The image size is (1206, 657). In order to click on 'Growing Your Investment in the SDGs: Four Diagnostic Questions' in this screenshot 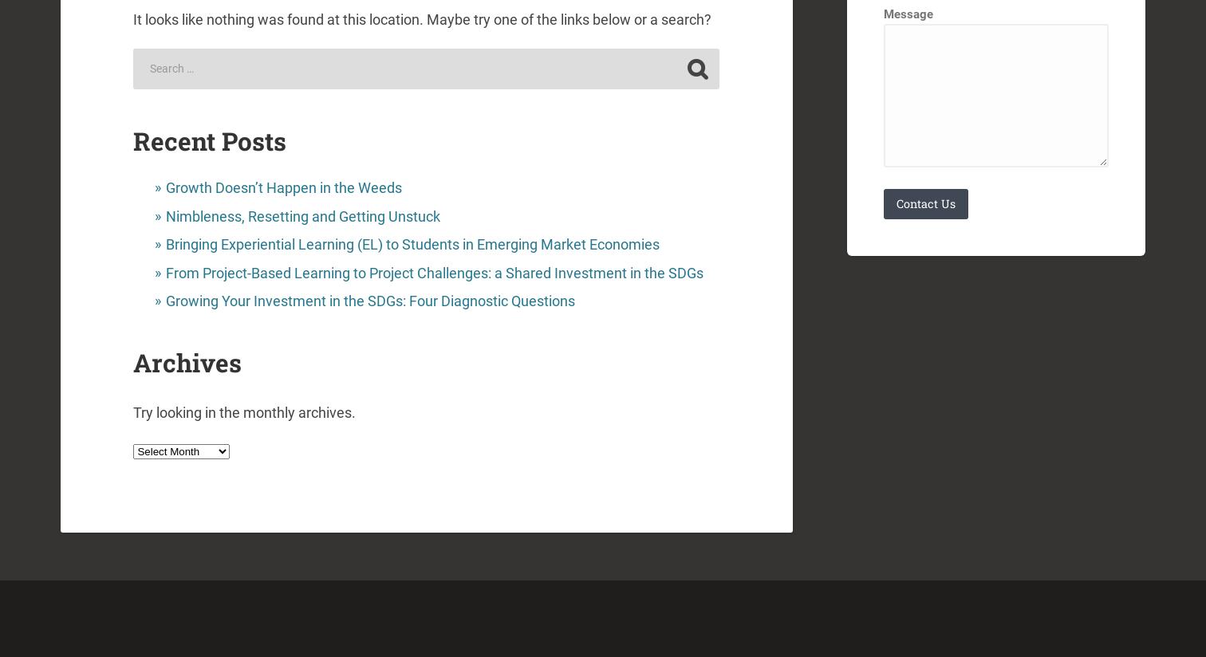, I will do `click(370, 299)`.